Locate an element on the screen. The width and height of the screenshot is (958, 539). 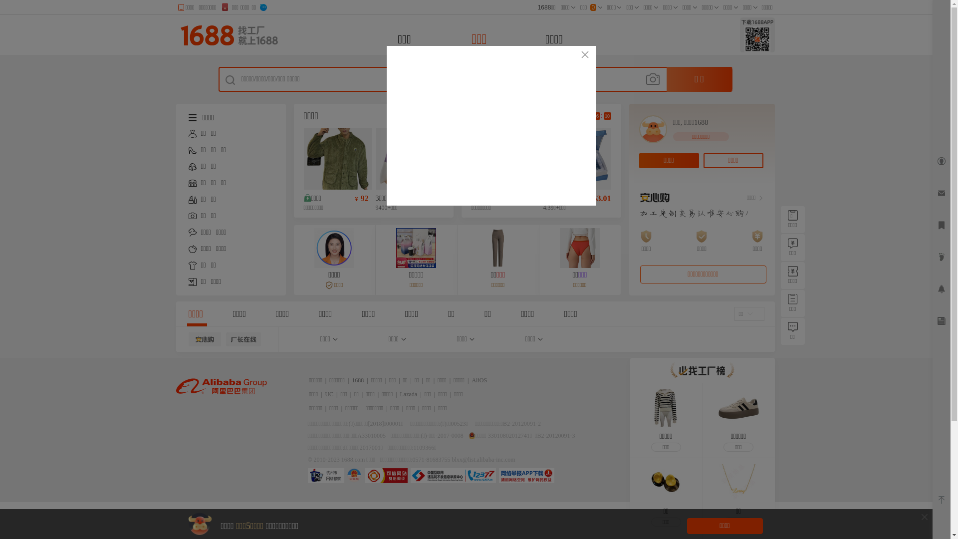
'AliOS' is located at coordinates (479, 380).